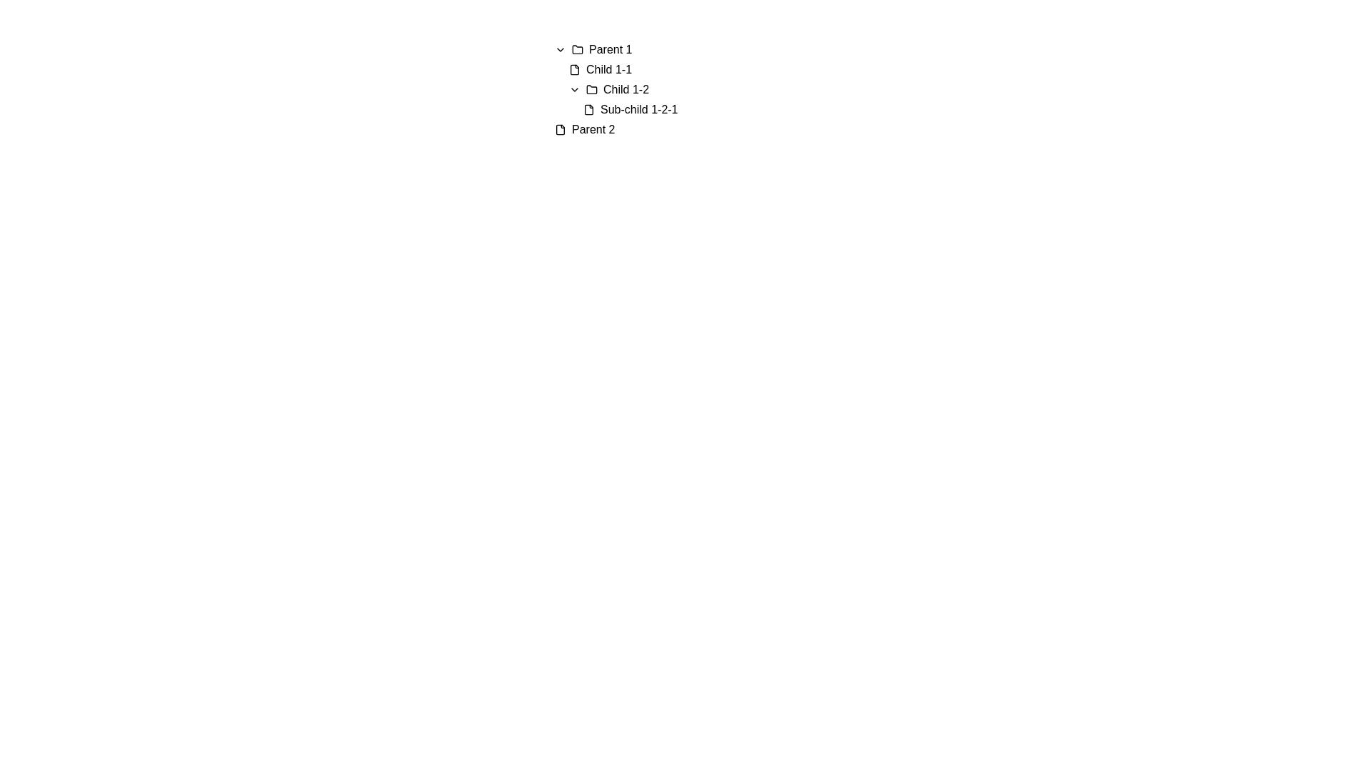 This screenshot has width=1371, height=771. Describe the element at coordinates (592, 89) in the screenshot. I see `the folder icon, which is a graphical representation of a traditional folder outline with a rightward-oriented tab` at that location.